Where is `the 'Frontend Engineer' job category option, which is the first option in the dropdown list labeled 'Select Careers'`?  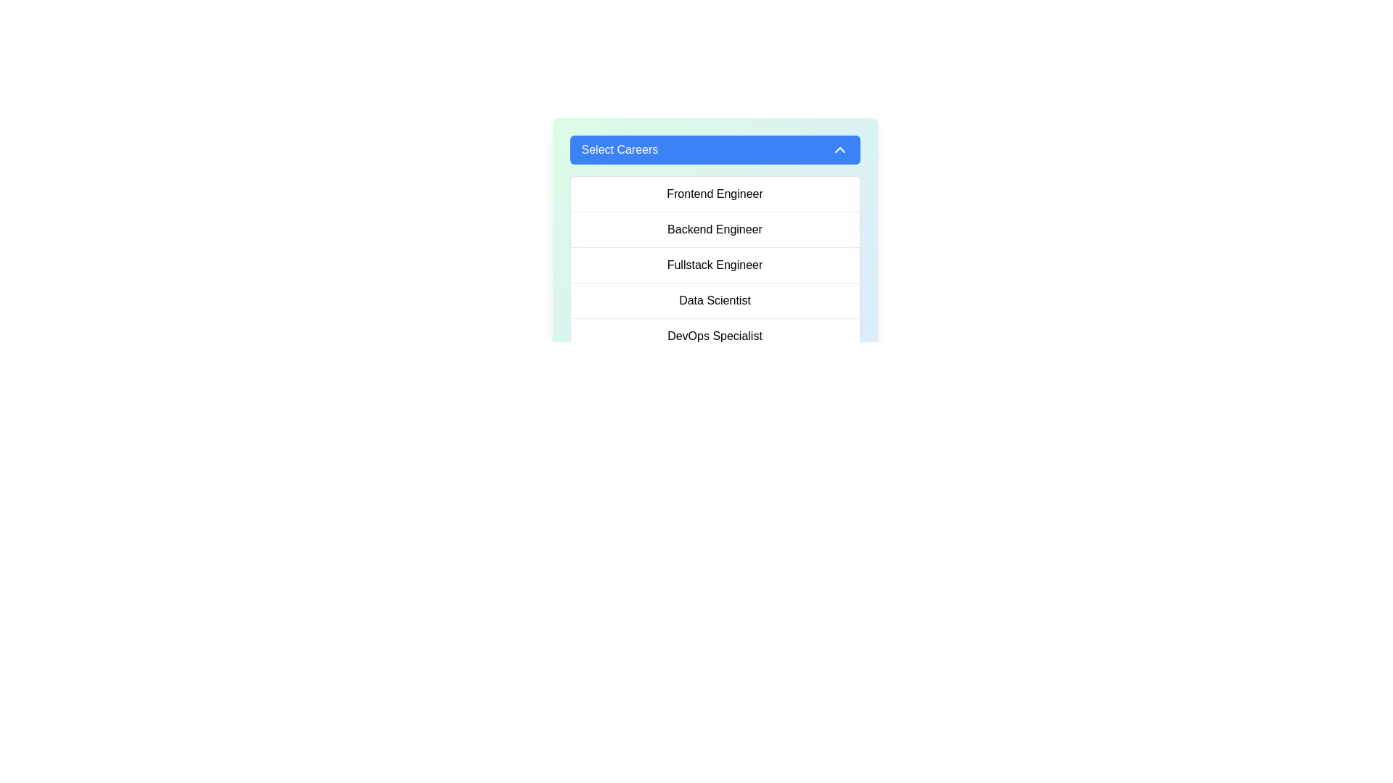
the 'Frontend Engineer' job category option, which is the first option in the dropdown list labeled 'Select Careers' is located at coordinates (715, 194).